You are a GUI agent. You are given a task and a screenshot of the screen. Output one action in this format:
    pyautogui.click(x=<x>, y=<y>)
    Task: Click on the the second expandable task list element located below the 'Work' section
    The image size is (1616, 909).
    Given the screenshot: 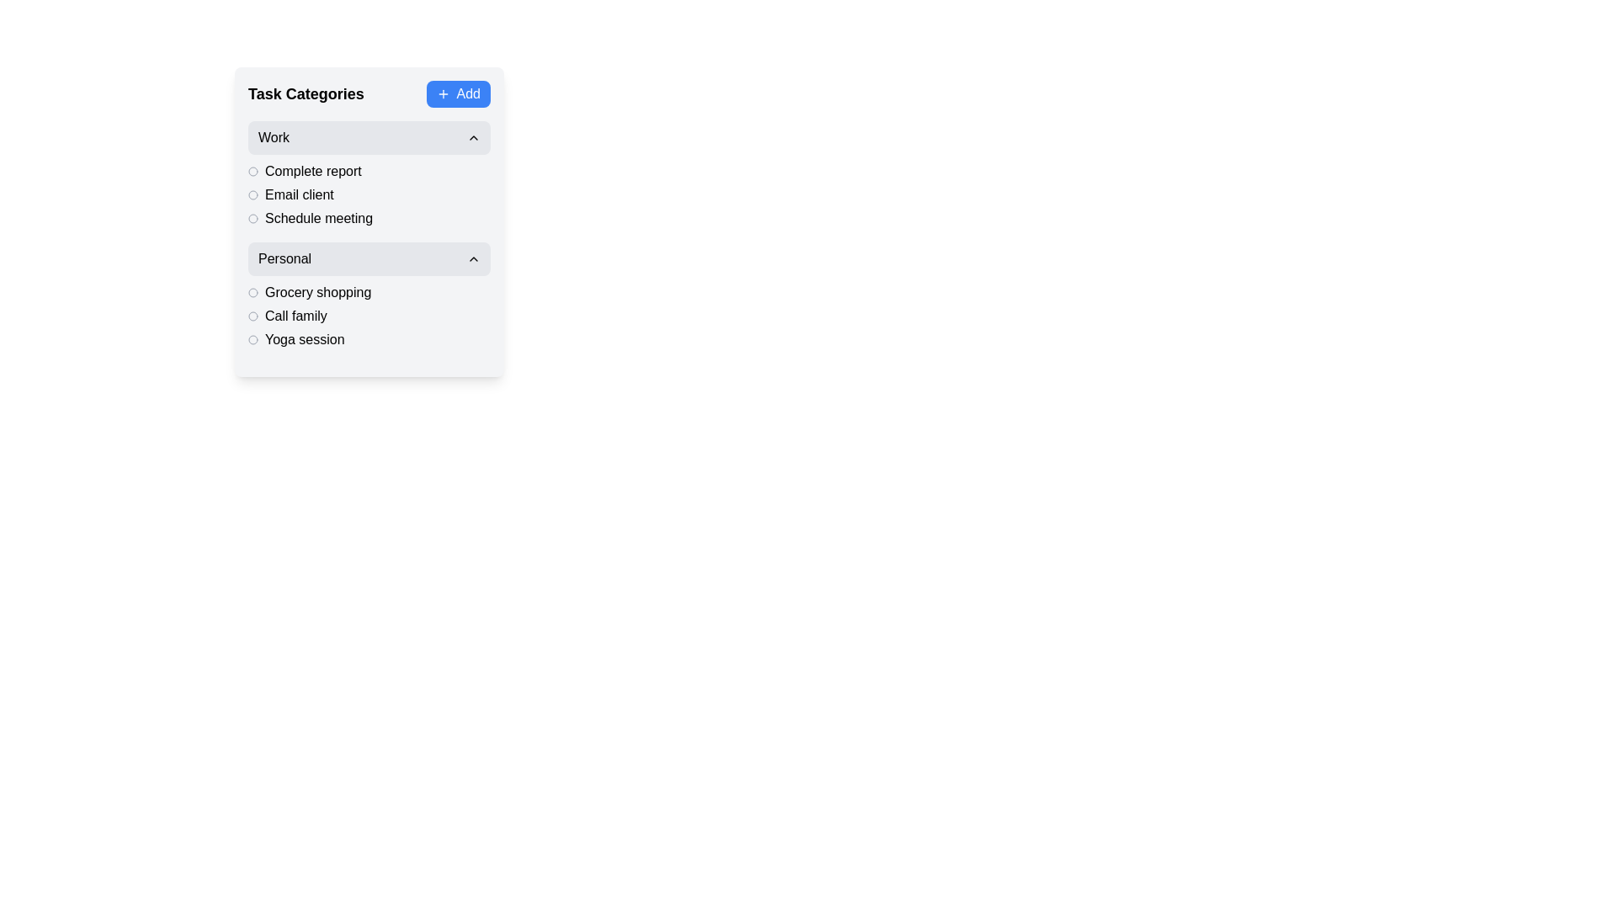 What is the action you would take?
    pyautogui.click(x=368, y=295)
    